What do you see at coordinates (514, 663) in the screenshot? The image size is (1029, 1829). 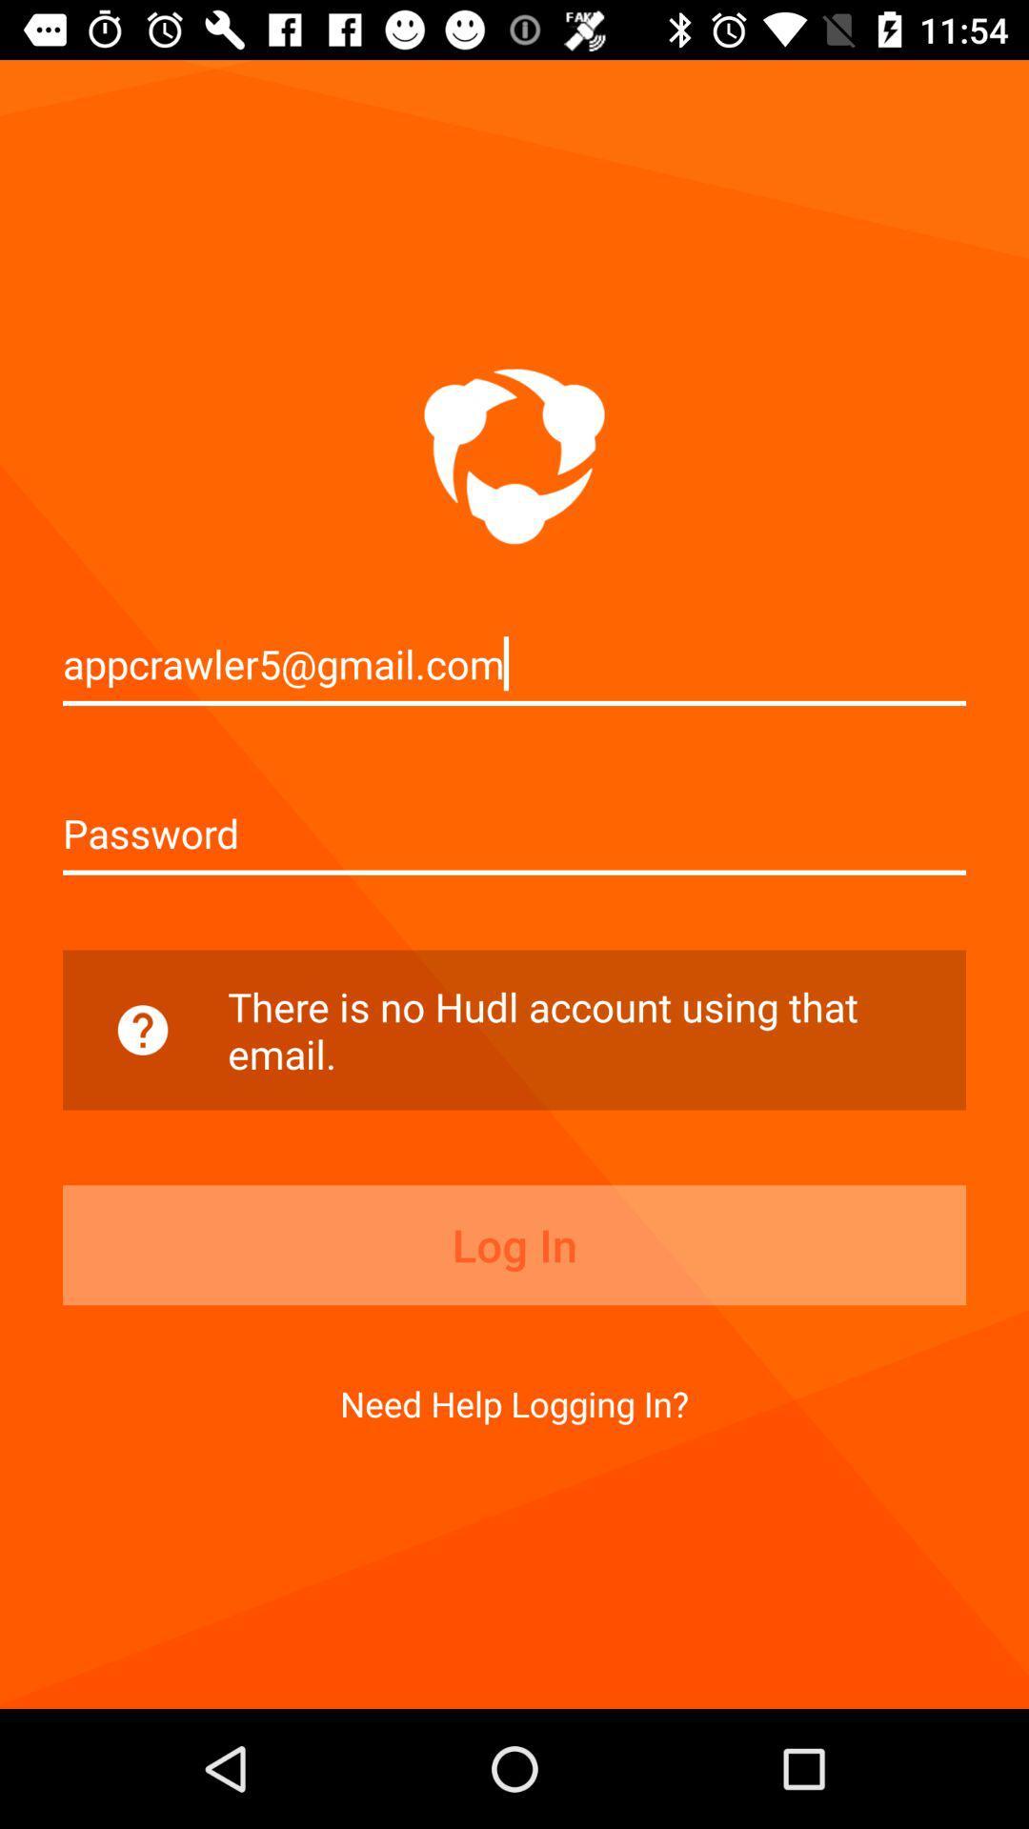 I see `the appcrawler5@gmail.com item` at bounding box center [514, 663].